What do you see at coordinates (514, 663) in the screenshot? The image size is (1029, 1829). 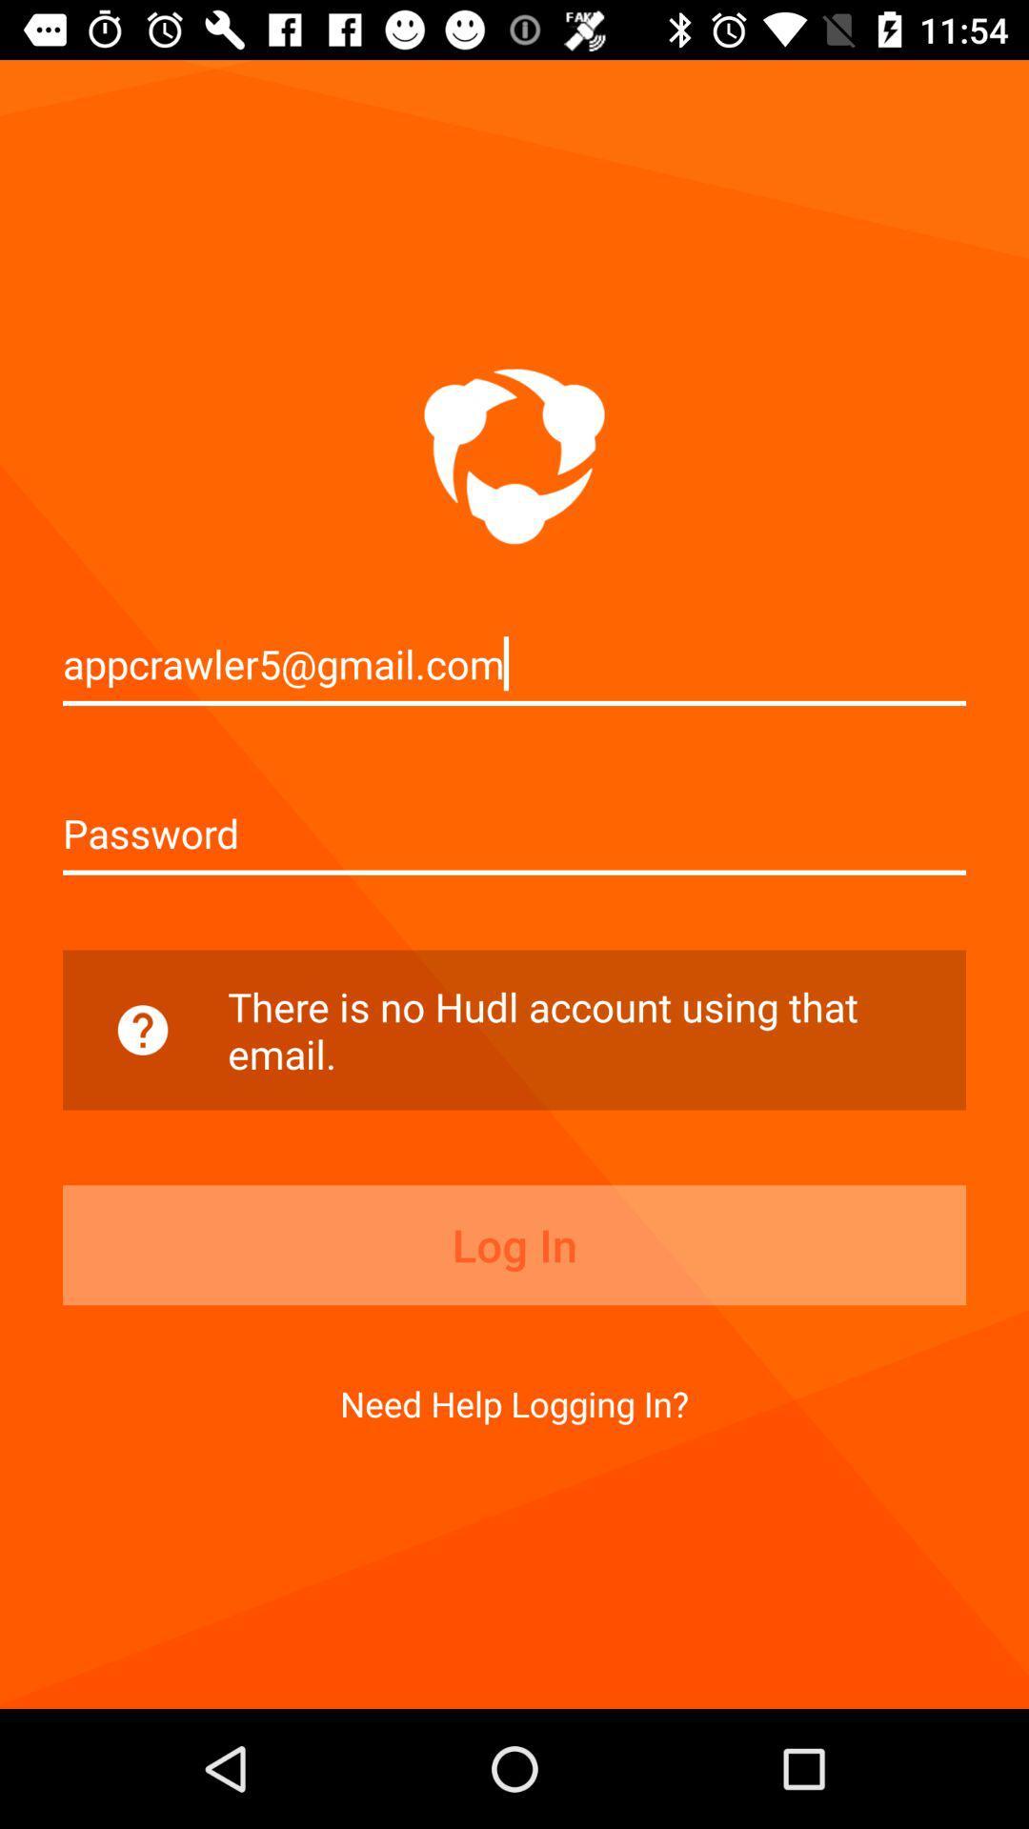 I see `the appcrawler5@gmail.com item` at bounding box center [514, 663].